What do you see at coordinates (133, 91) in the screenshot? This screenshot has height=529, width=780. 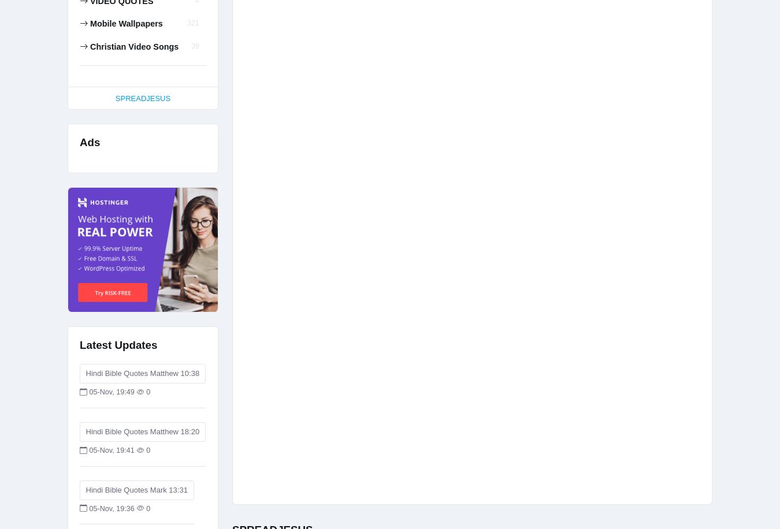 I see `'Help'` at bounding box center [133, 91].